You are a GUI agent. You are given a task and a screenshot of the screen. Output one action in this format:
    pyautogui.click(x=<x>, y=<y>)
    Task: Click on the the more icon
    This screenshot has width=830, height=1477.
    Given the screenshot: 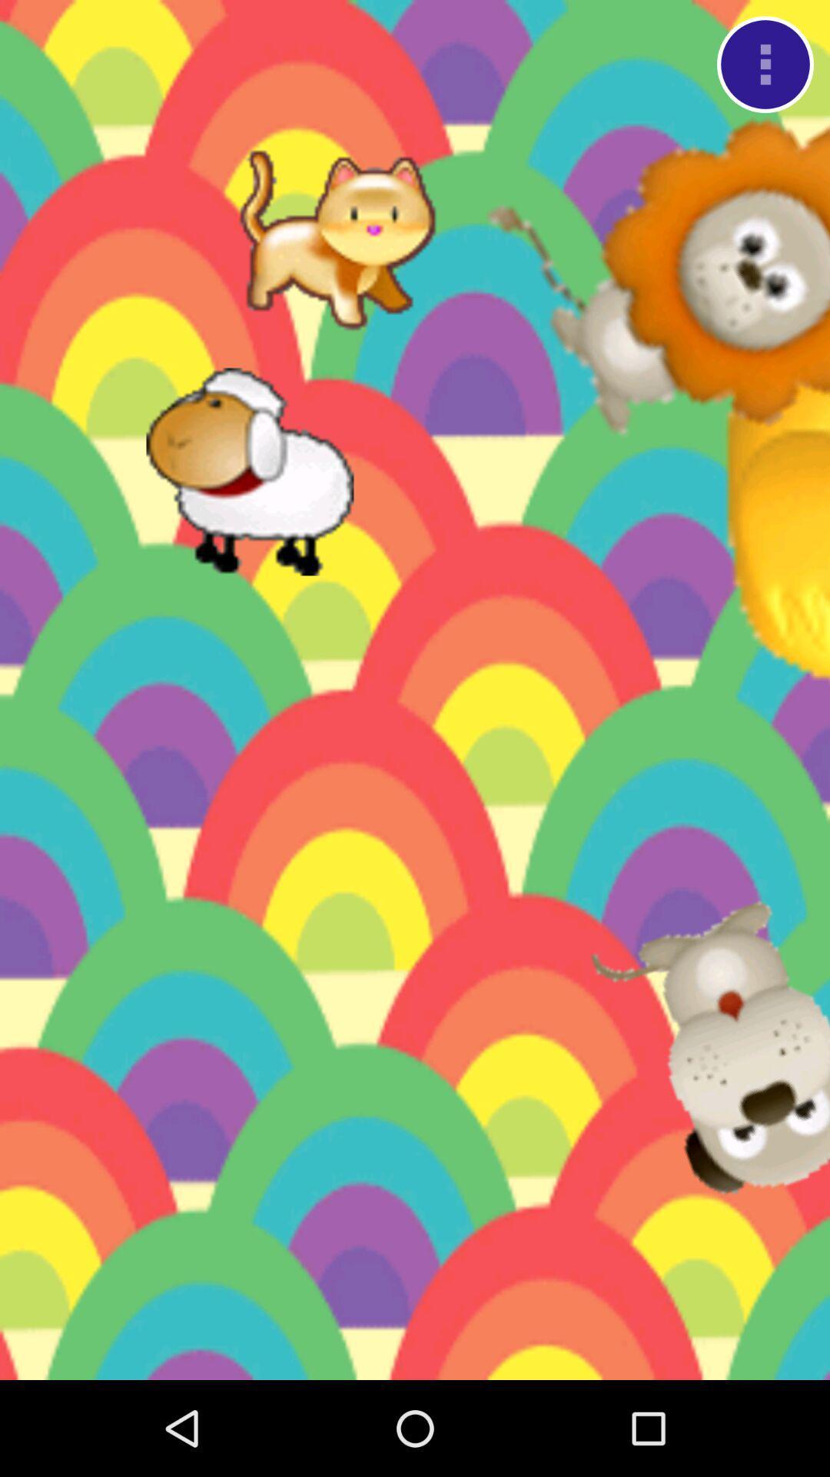 What is the action you would take?
    pyautogui.click(x=765, y=68)
    